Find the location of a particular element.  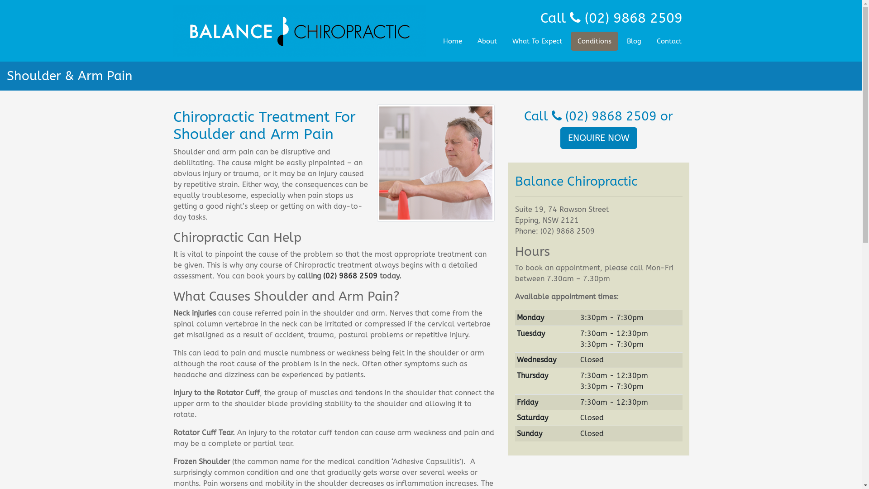

'Home' is located at coordinates (452, 41).